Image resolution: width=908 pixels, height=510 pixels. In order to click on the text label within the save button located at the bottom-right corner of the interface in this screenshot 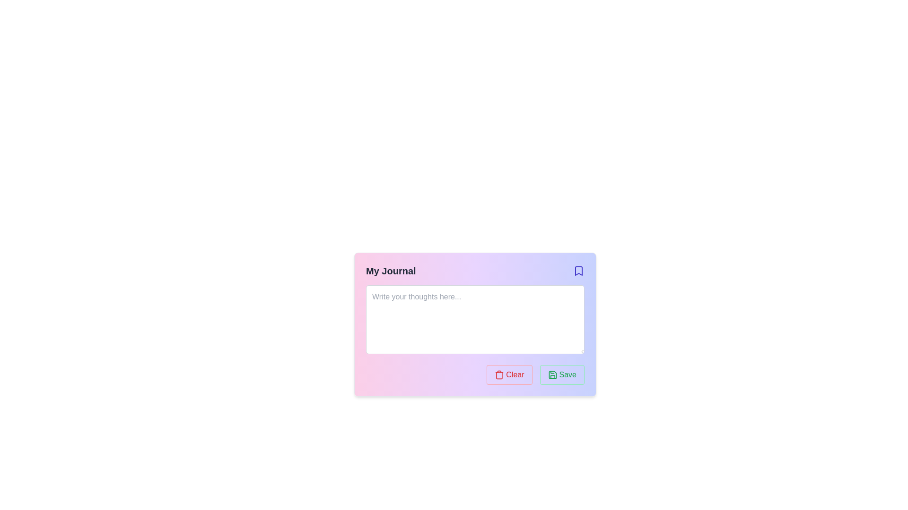, I will do `click(567, 374)`.